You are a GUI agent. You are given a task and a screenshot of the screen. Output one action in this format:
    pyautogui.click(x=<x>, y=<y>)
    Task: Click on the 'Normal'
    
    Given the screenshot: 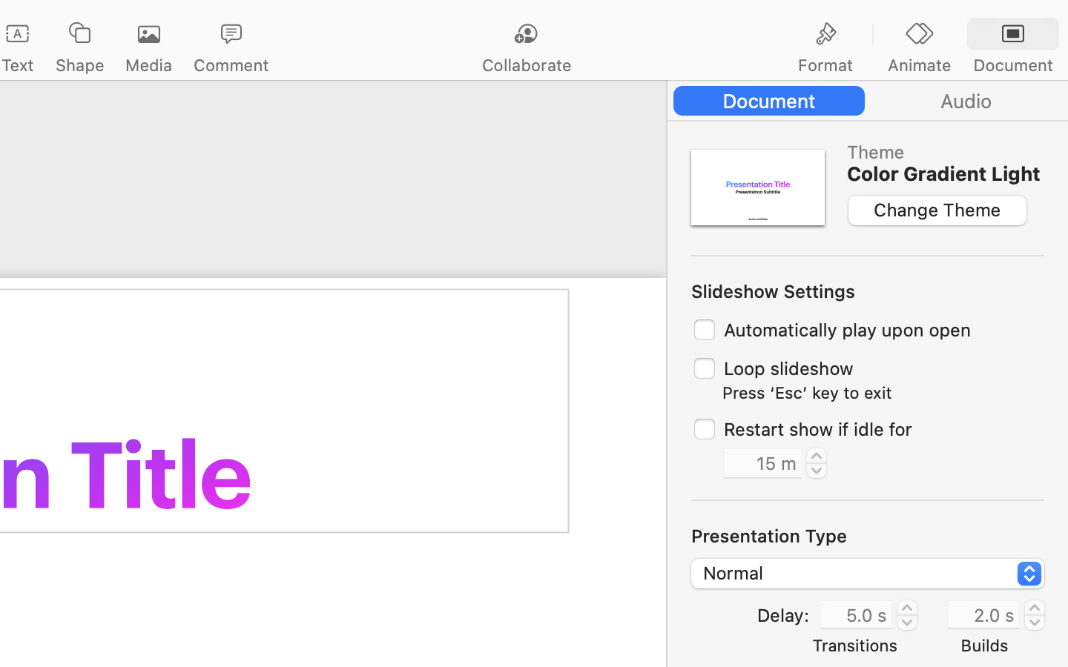 What is the action you would take?
    pyautogui.click(x=868, y=574)
    